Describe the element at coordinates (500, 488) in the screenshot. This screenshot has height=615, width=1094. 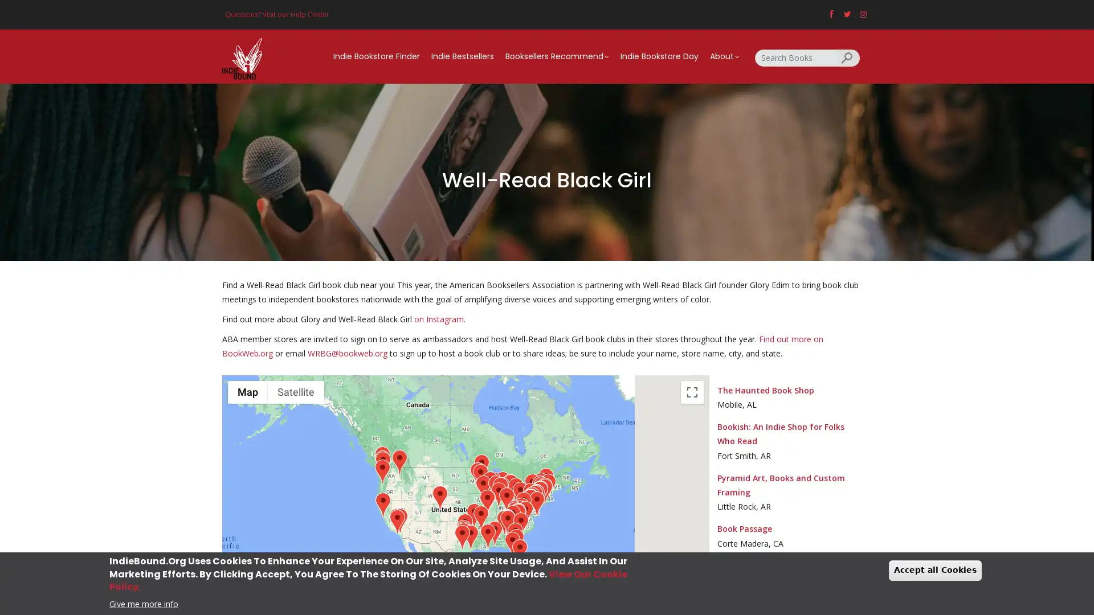
I see `The Brain Lair` at that location.